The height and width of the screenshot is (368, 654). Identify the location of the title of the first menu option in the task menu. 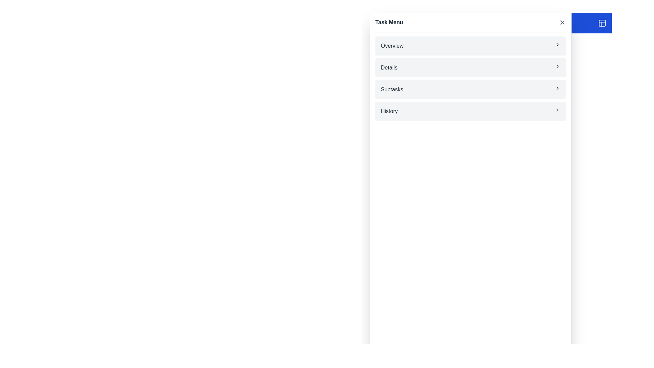
(392, 46).